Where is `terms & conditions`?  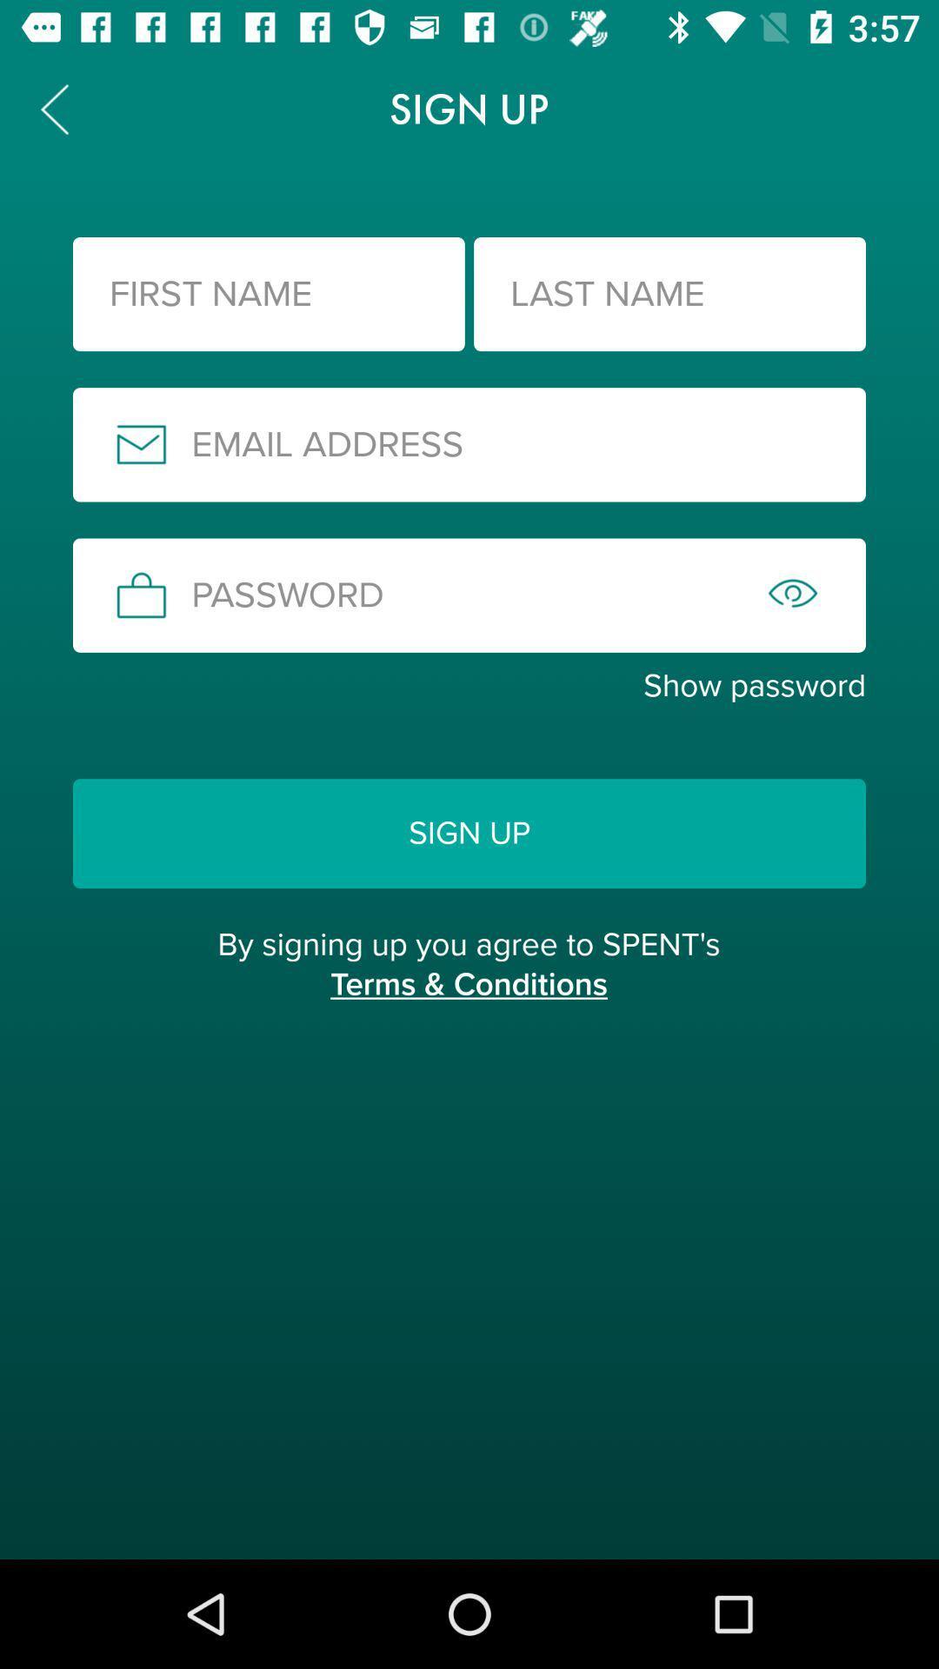 terms & conditions is located at coordinates (468, 1003).